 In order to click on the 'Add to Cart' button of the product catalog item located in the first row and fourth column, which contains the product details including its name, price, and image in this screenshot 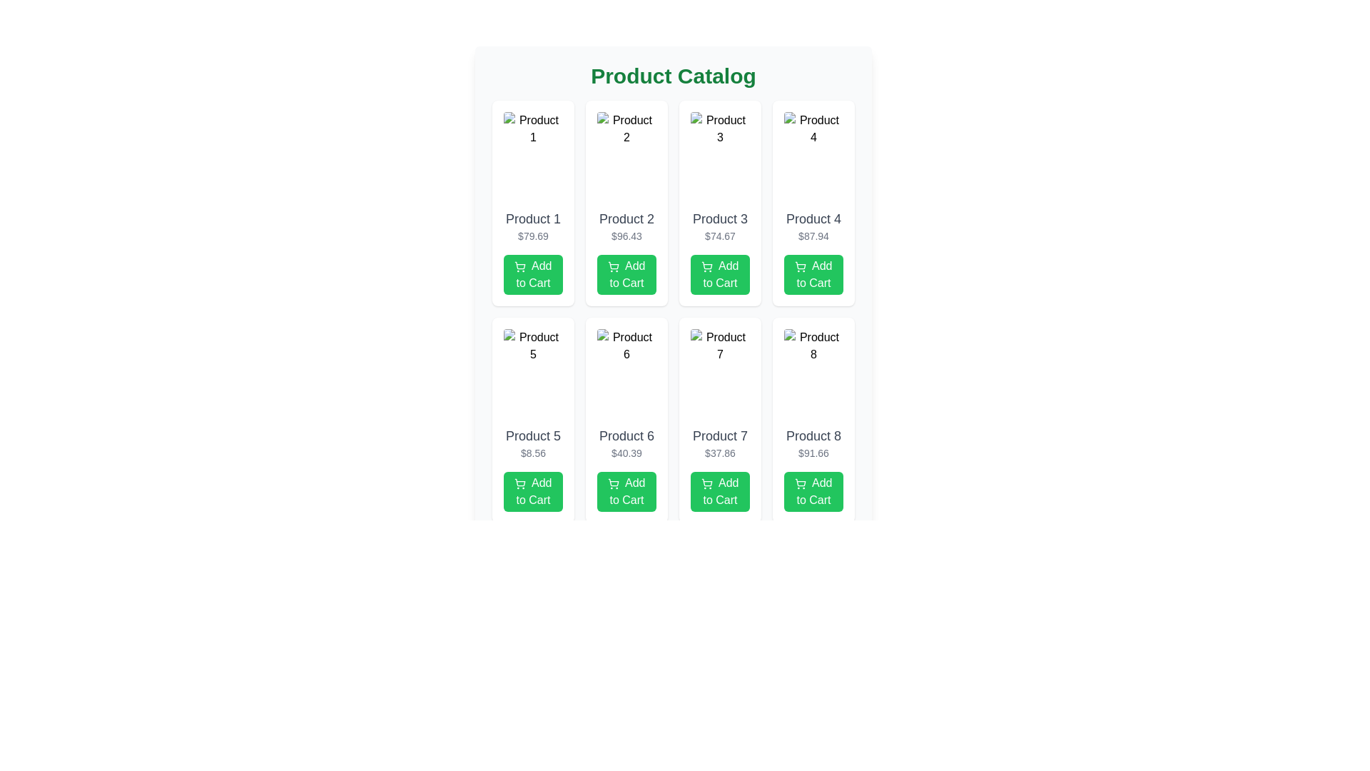, I will do `click(813, 203)`.